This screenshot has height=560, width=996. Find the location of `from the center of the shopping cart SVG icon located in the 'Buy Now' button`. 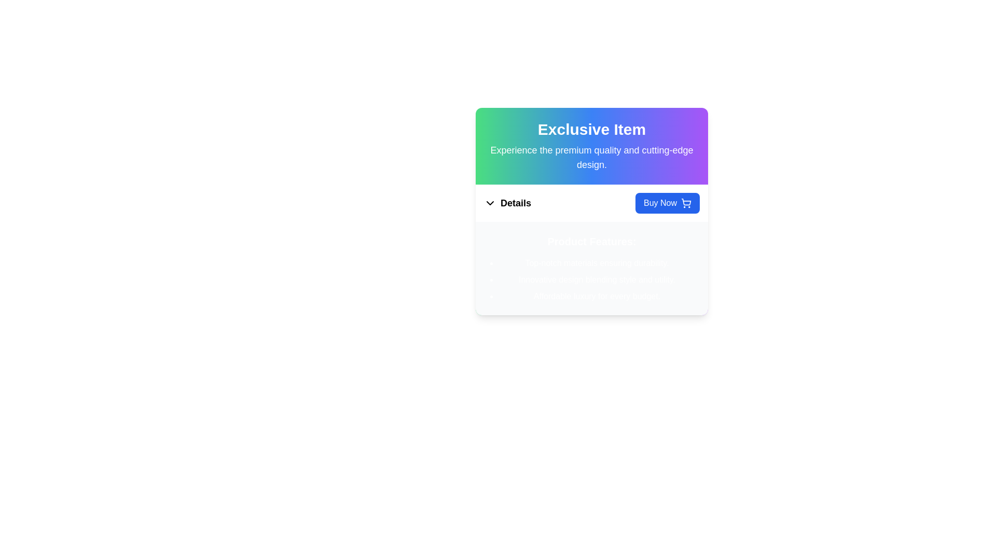

from the center of the shopping cart SVG icon located in the 'Buy Now' button is located at coordinates (686, 202).